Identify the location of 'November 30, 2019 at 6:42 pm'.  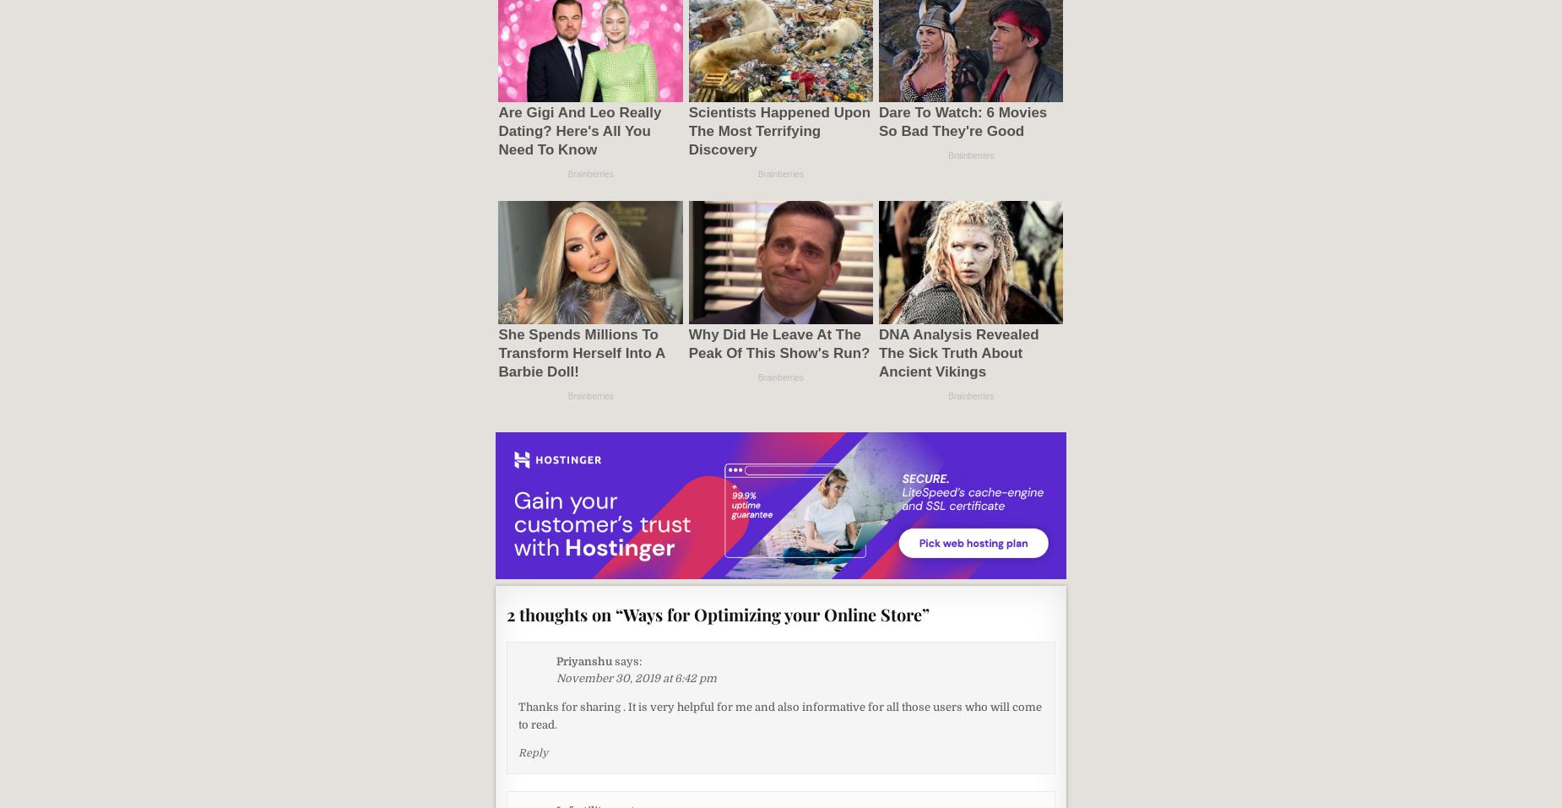
(556, 677).